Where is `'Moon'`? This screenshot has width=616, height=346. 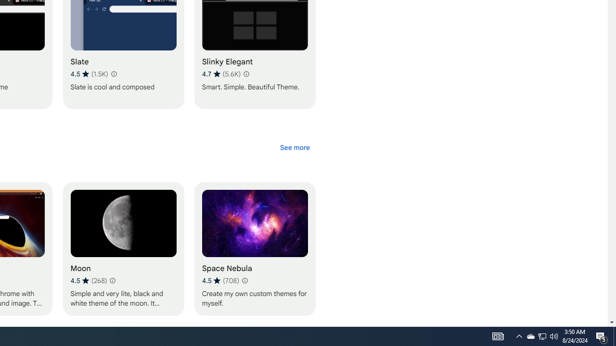
'Moon' is located at coordinates (123, 248).